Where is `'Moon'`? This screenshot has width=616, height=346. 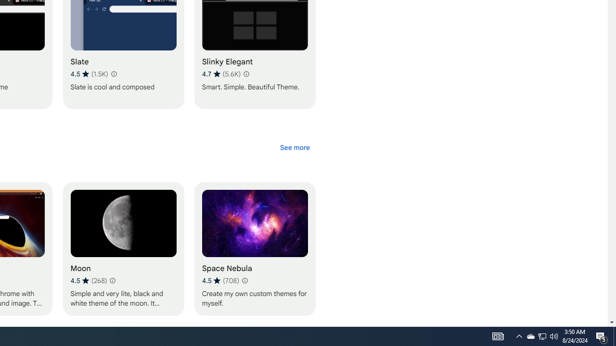
'Moon' is located at coordinates (123, 248).